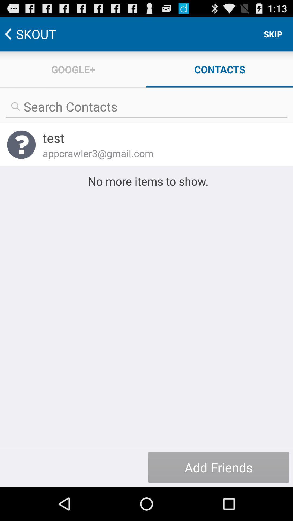  What do you see at coordinates (218, 467) in the screenshot?
I see `add friends` at bounding box center [218, 467].